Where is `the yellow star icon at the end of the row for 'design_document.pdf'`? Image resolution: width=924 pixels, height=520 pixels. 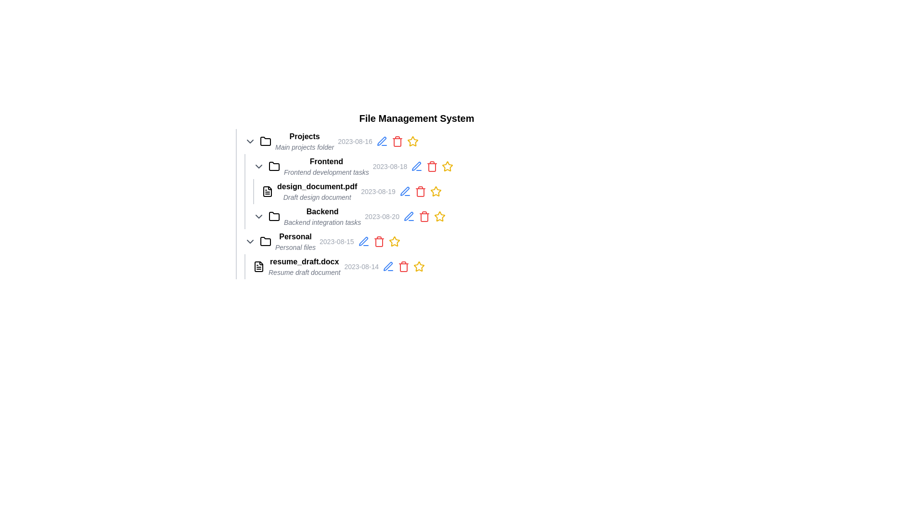
the yellow star icon at the end of the row for 'design_document.pdf' is located at coordinates (435, 191).